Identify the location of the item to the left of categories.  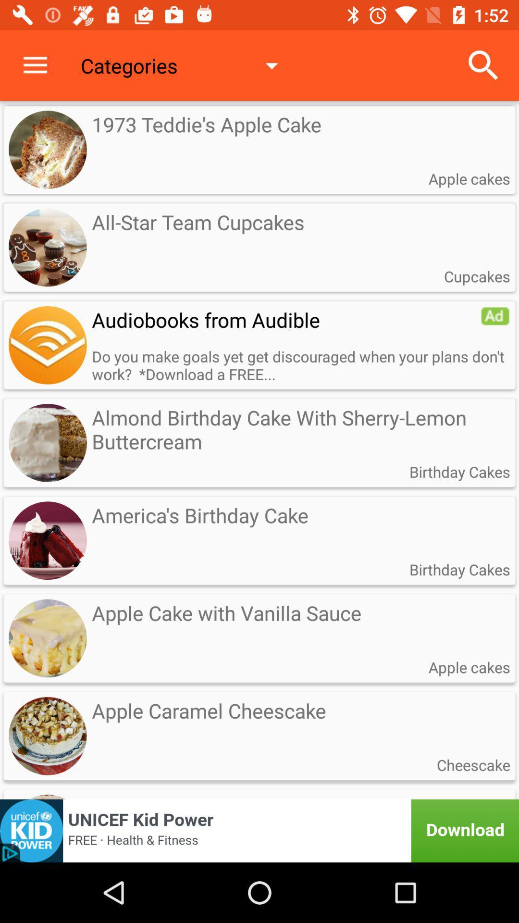
(35, 65).